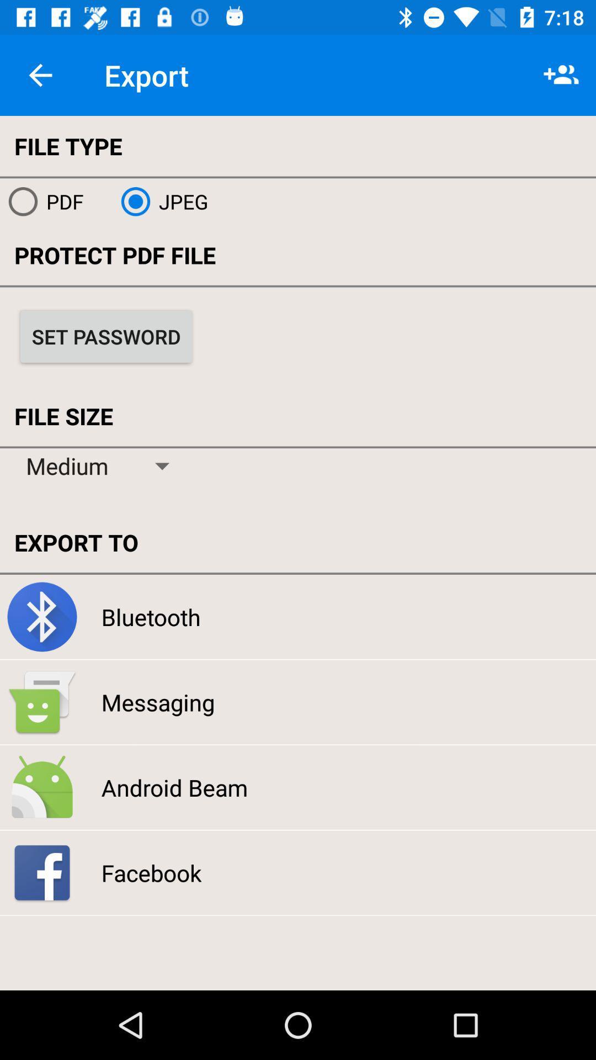 Image resolution: width=596 pixels, height=1060 pixels. Describe the element at coordinates (106, 336) in the screenshot. I see `the set password item` at that location.